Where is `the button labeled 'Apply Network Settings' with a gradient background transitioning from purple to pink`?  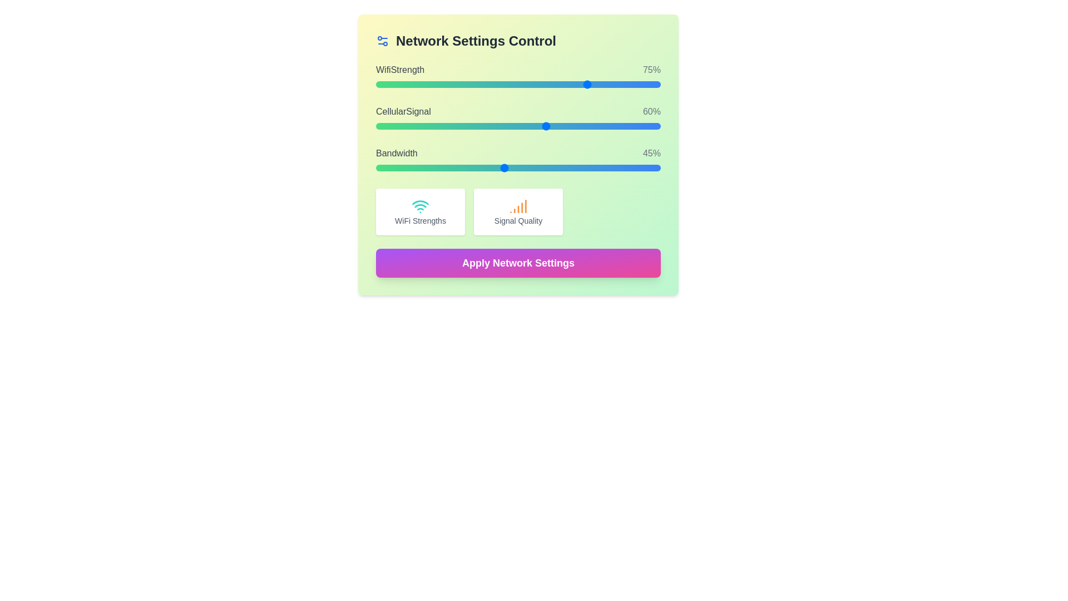
the button labeled 'Apply Network Settings' with a gradient background transitioning from purple to pink is located at coordinates (517, 263).